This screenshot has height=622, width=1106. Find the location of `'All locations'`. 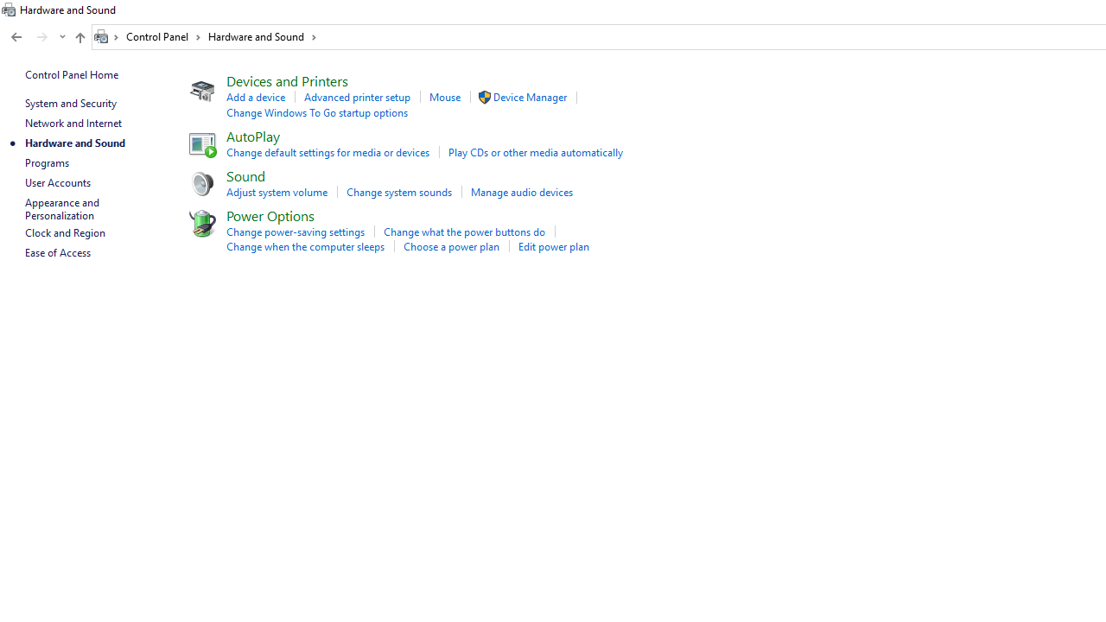

'All locations' is located at coordinates (106, 36).